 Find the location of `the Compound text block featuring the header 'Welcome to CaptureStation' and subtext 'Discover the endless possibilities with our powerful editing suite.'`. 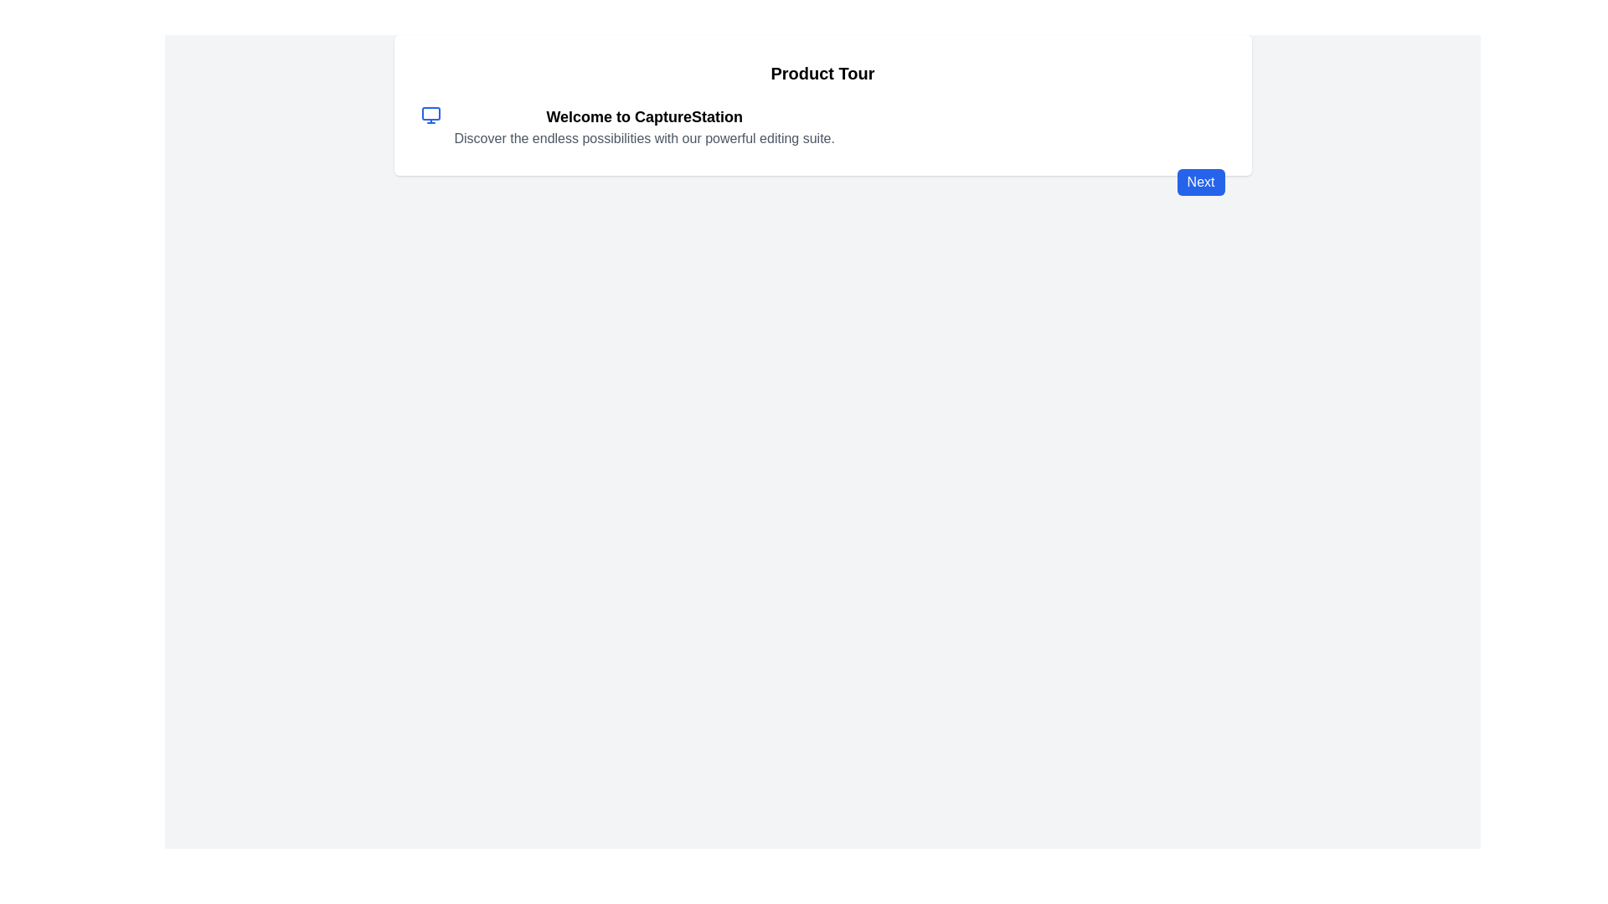

the Compound text block featuring the header 'Welcome to CaptureStation' and subtext 'Discover the endless possibilities with our powerful editing suite.' is located at coordinates (643, 126).